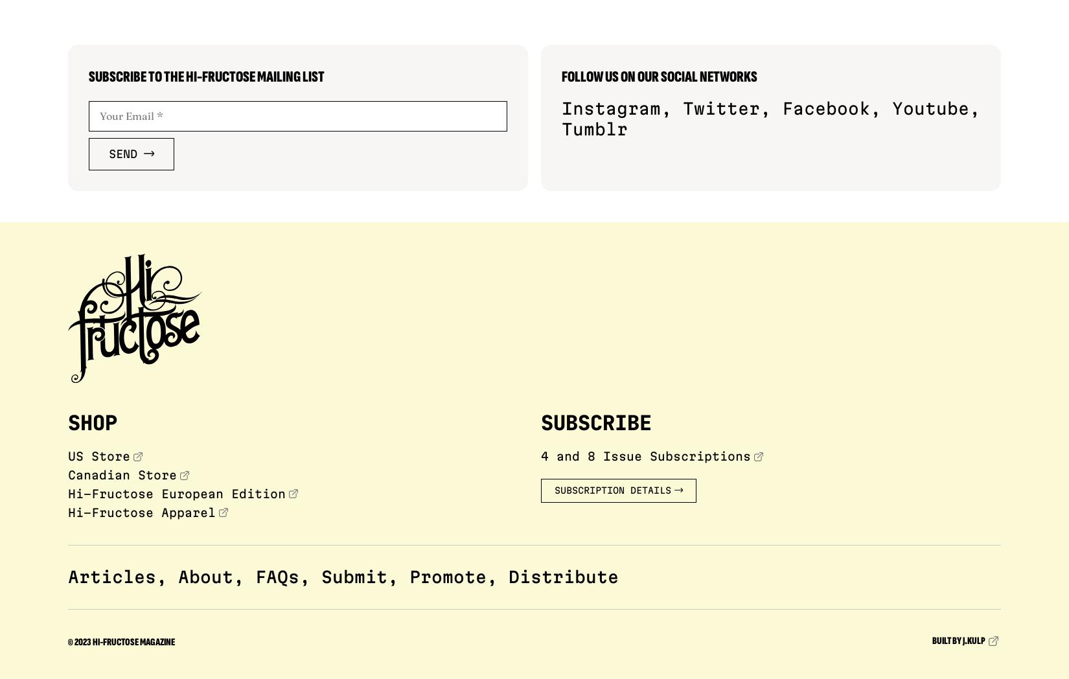 Image resolution: width=1069 pixels, height=679 pixels. What do you see at coordinates (660, 76) in the screenshot?
I see `'Follow us on our social networks'` at bounding box center [660, 76].